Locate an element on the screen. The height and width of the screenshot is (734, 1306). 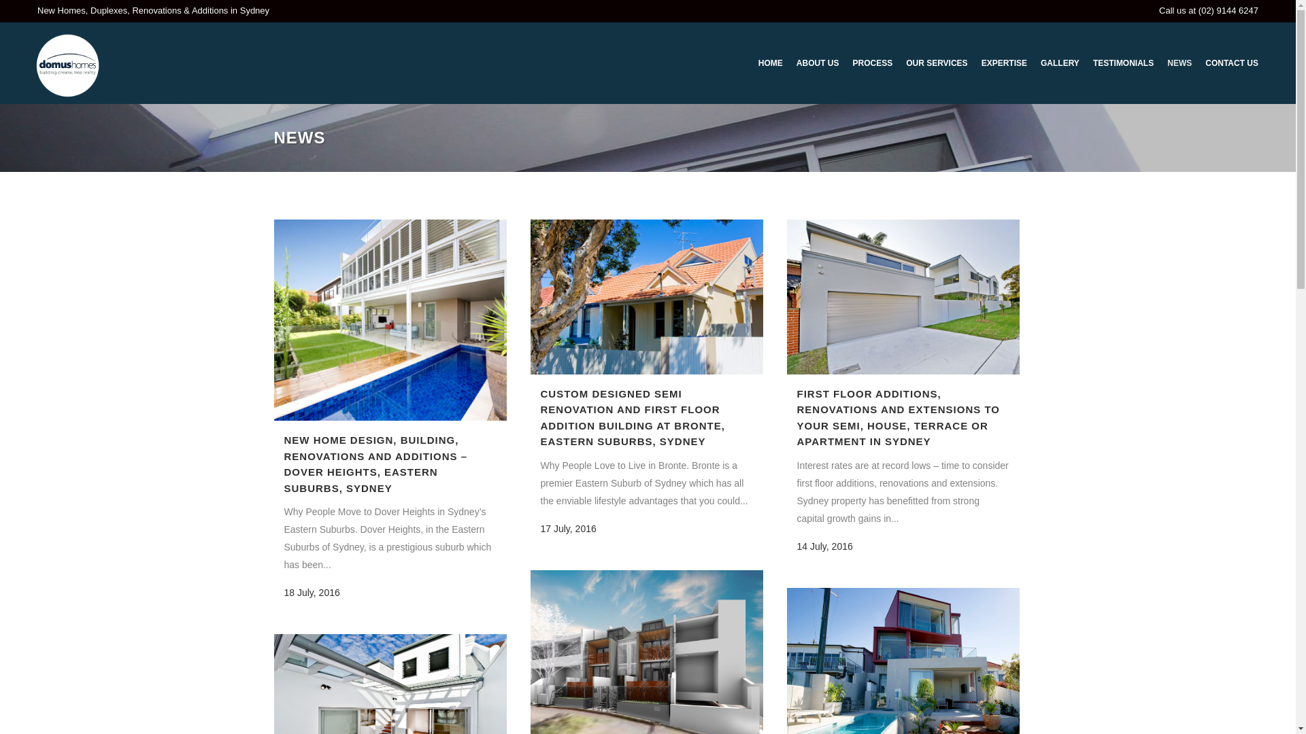
'EXPERTISE' is located at coordinates (1004, 63).